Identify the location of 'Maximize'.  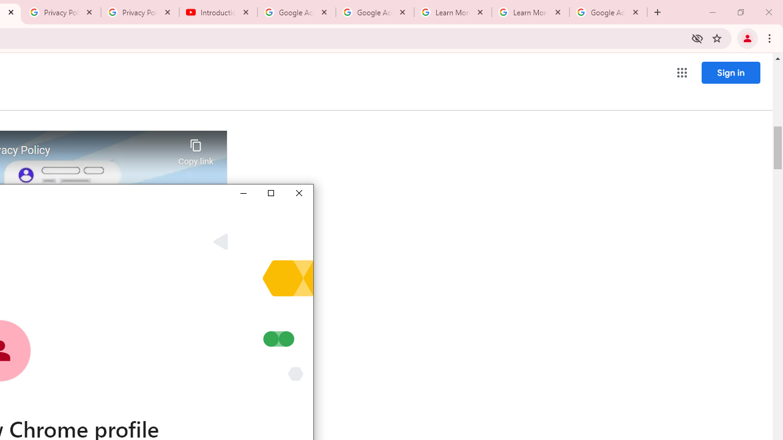
(270, 193).